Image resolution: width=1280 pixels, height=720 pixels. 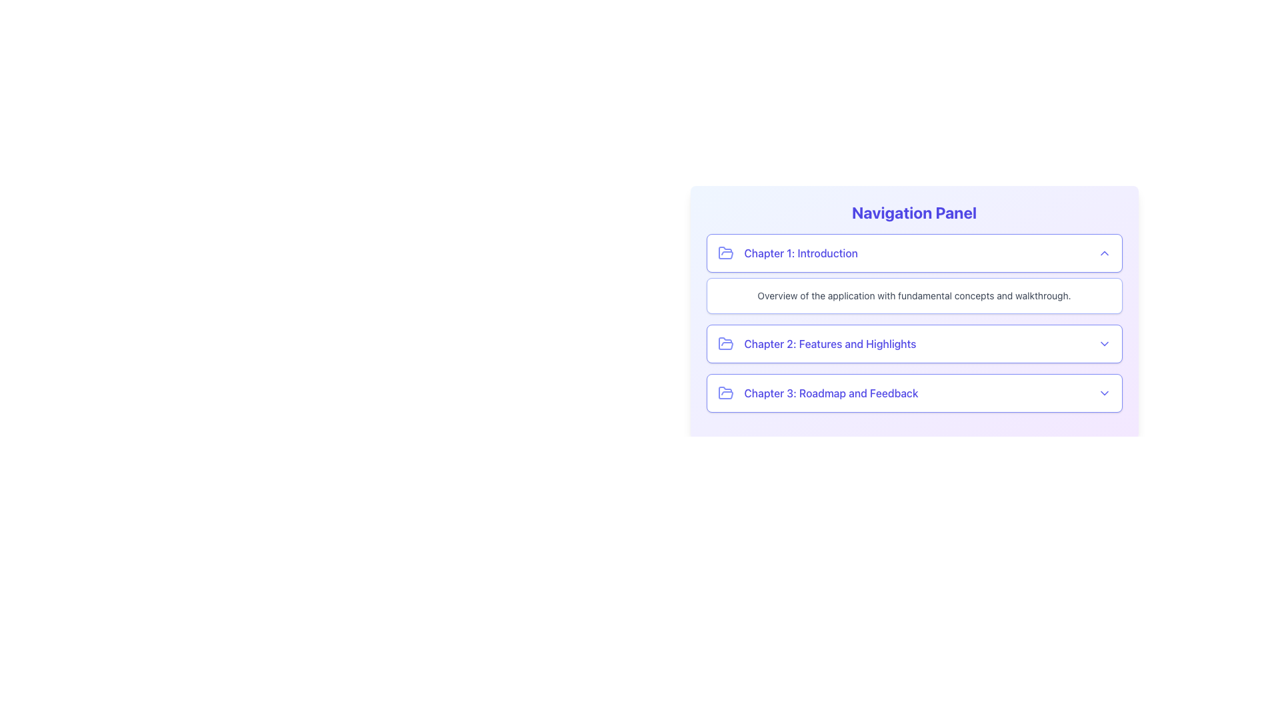 I want to click on the clickable navigation button for 'Chapter 1: Introduction' located in the Navigation Panel at the top-left section of the interface, so click(x=913, y=253).